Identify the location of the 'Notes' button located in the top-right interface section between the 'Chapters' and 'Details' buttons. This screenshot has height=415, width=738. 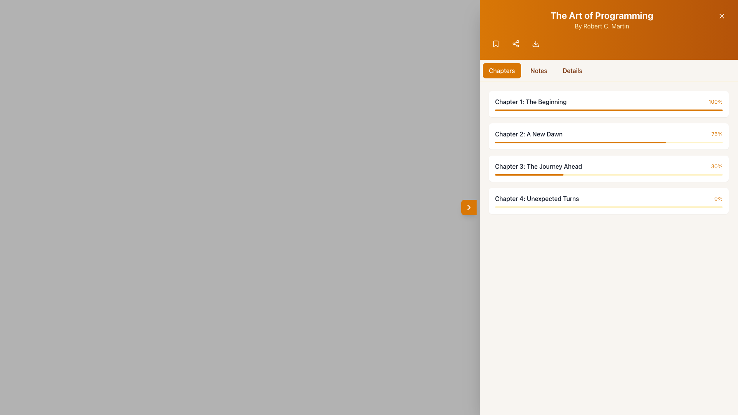
(538, 71).